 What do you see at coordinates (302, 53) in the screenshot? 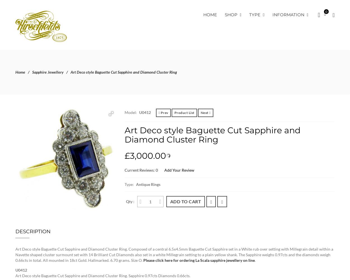
I see `'Checkout'` at bounding box center [302, 53].